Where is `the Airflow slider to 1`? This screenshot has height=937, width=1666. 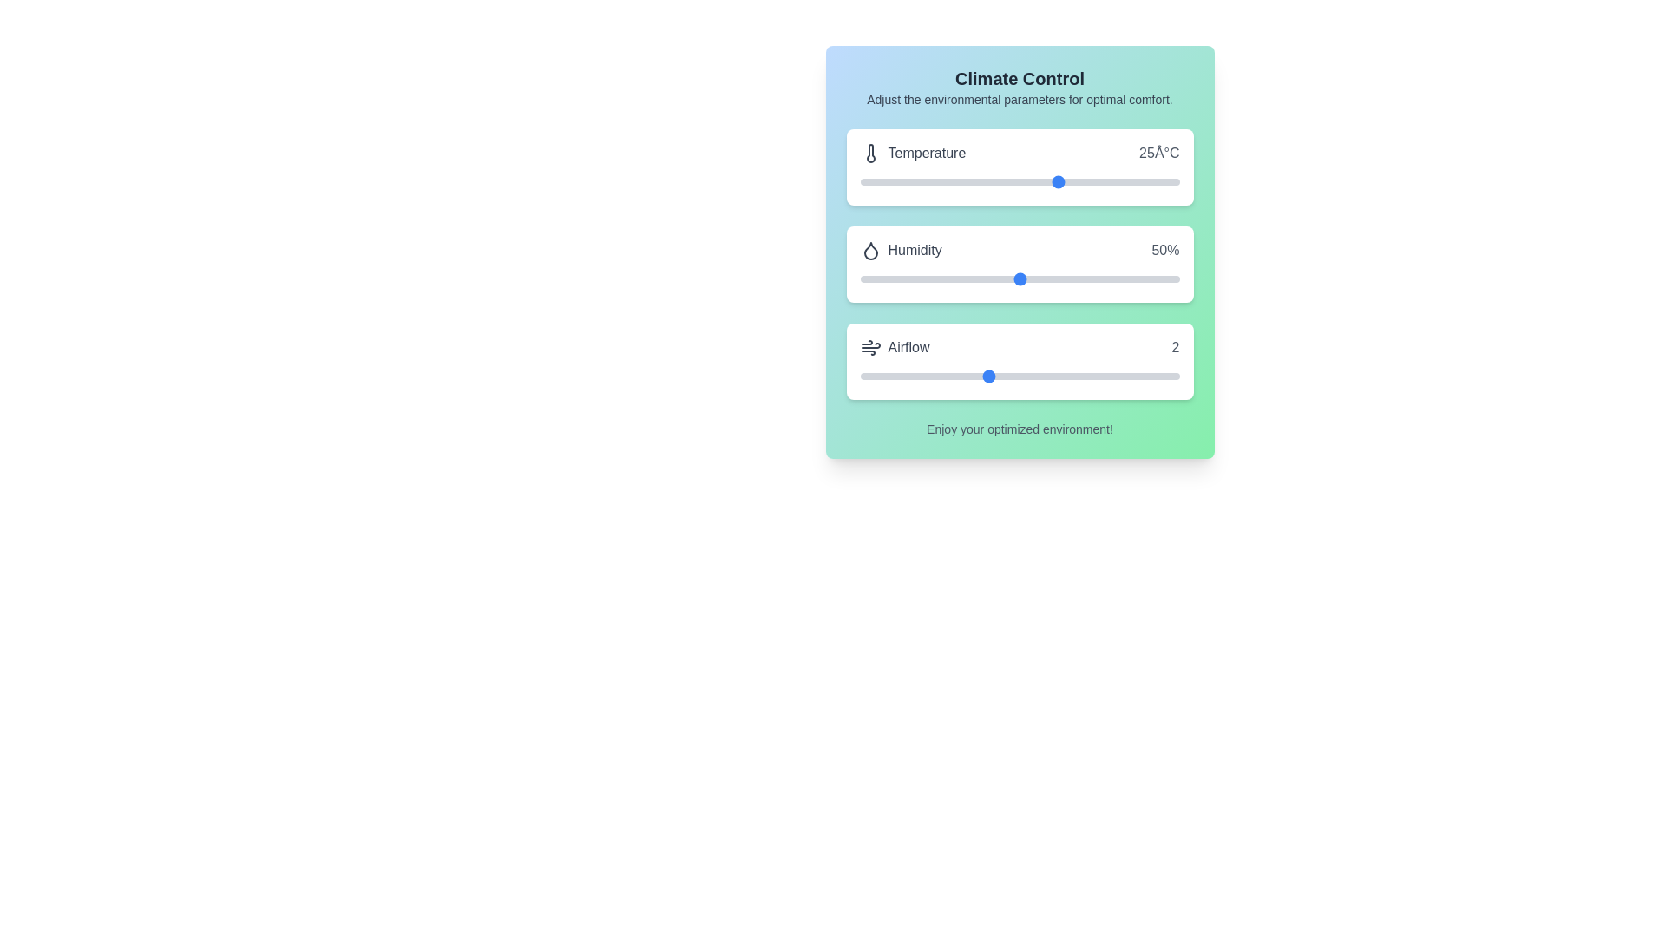 the Airflow slider to 1 is located at coordinates (923, 376).